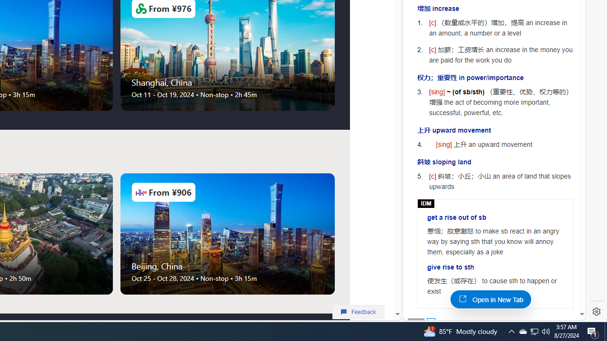 This screenshot has width=607, height=341. I want to click on 'AutomationID: posbtn_1', so click(430, 322).